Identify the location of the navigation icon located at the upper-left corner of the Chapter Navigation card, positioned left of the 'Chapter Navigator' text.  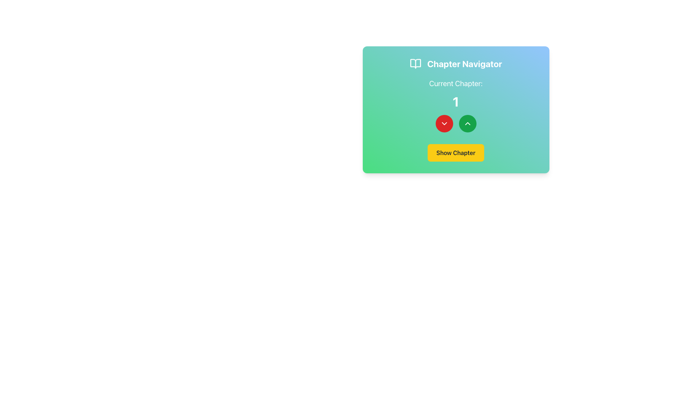
(415, 63).